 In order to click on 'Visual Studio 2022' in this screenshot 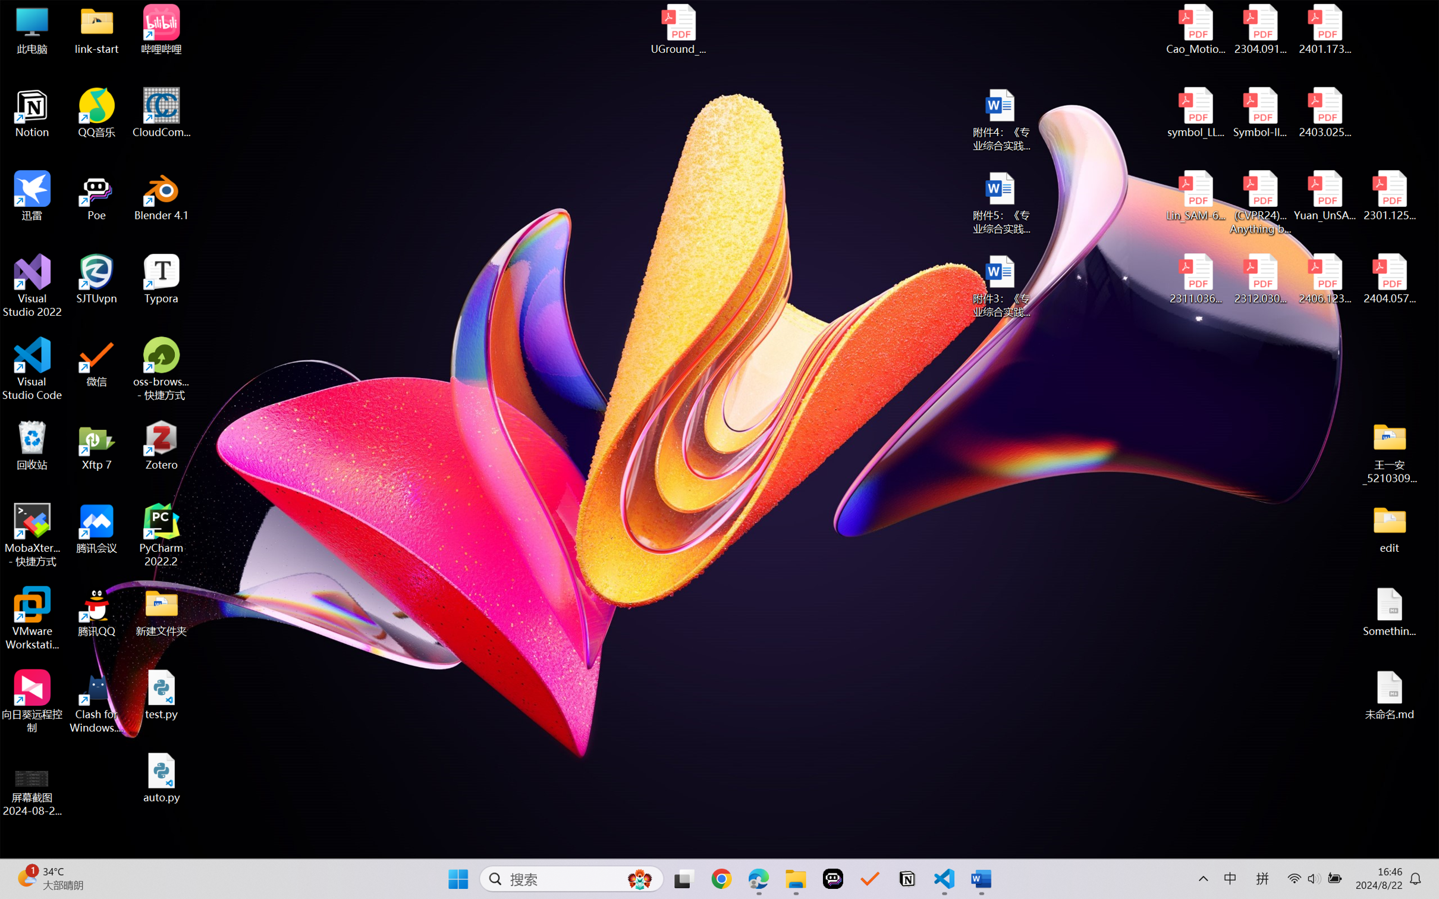, I will do `click(32, 286)`.